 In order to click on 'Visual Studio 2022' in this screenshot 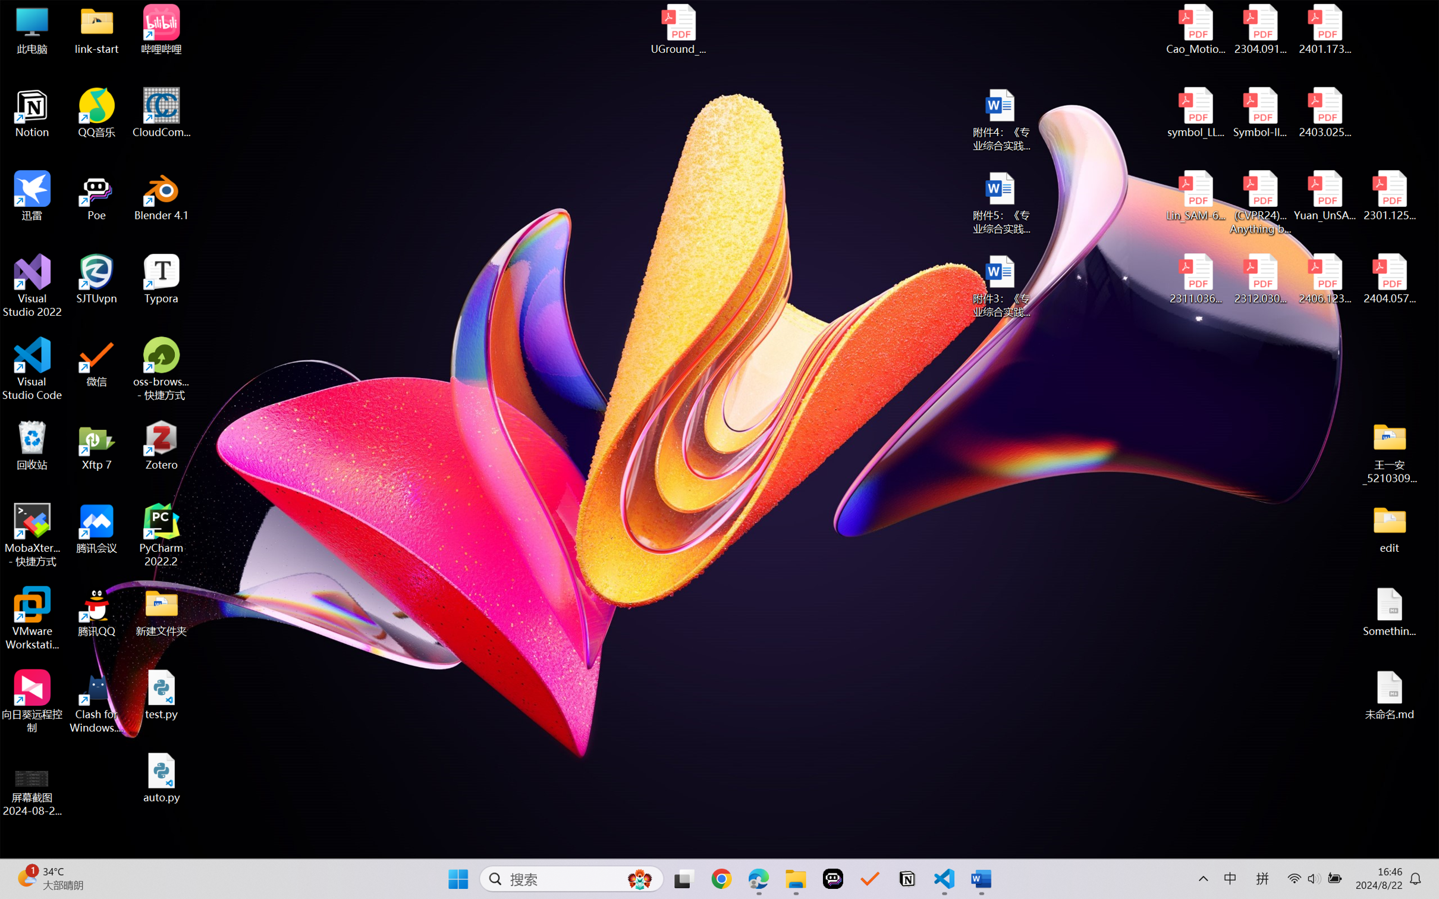, I will do `click(32, 286)`.